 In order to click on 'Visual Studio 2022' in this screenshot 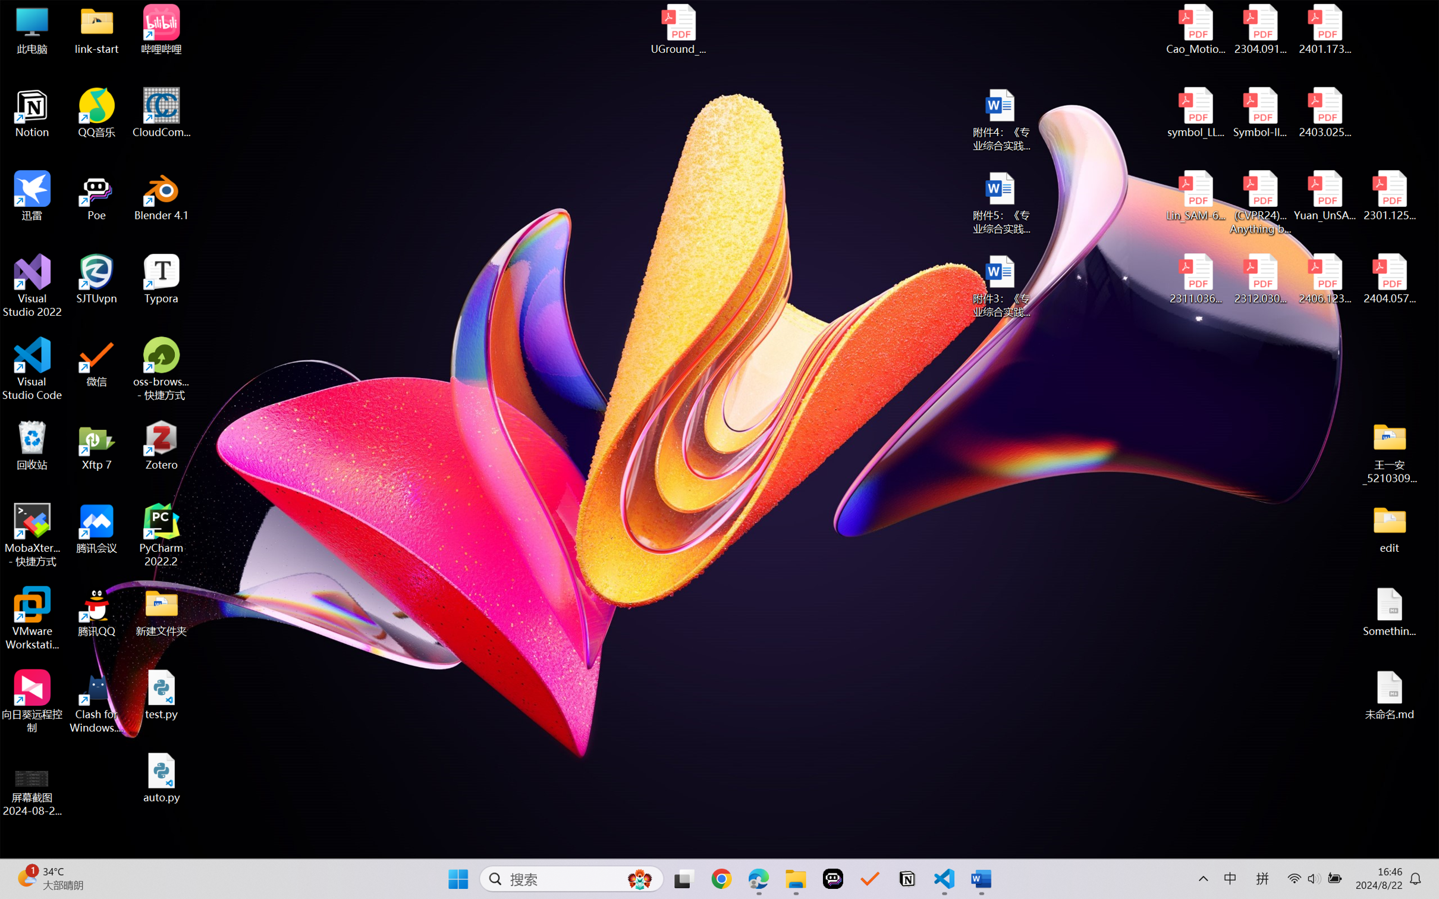, I will do `click(32, 286)`.